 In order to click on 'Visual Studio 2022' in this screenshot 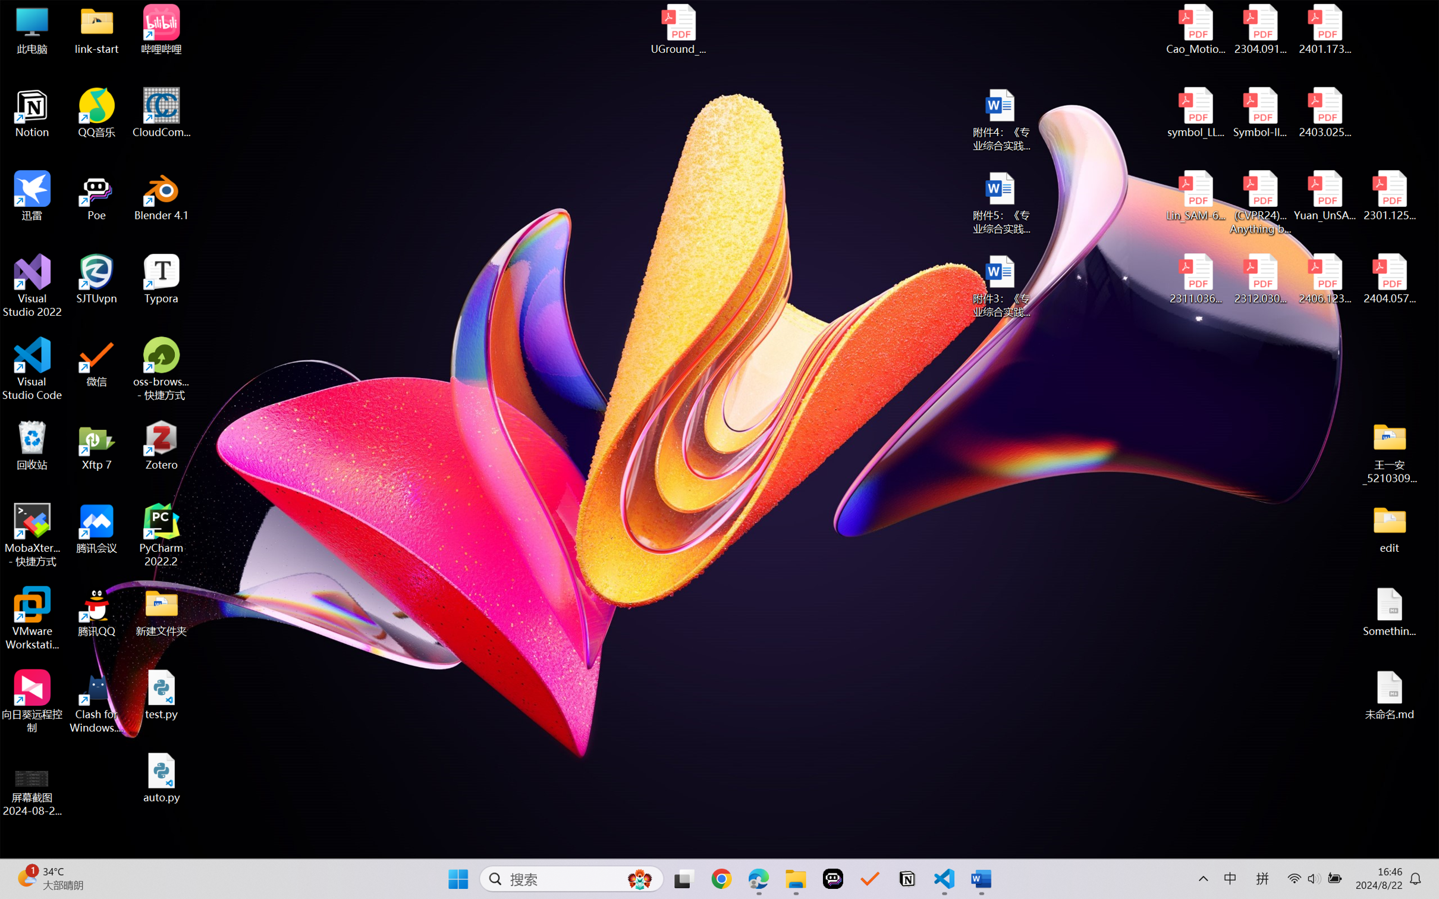, I will do `click(32, 286)`.